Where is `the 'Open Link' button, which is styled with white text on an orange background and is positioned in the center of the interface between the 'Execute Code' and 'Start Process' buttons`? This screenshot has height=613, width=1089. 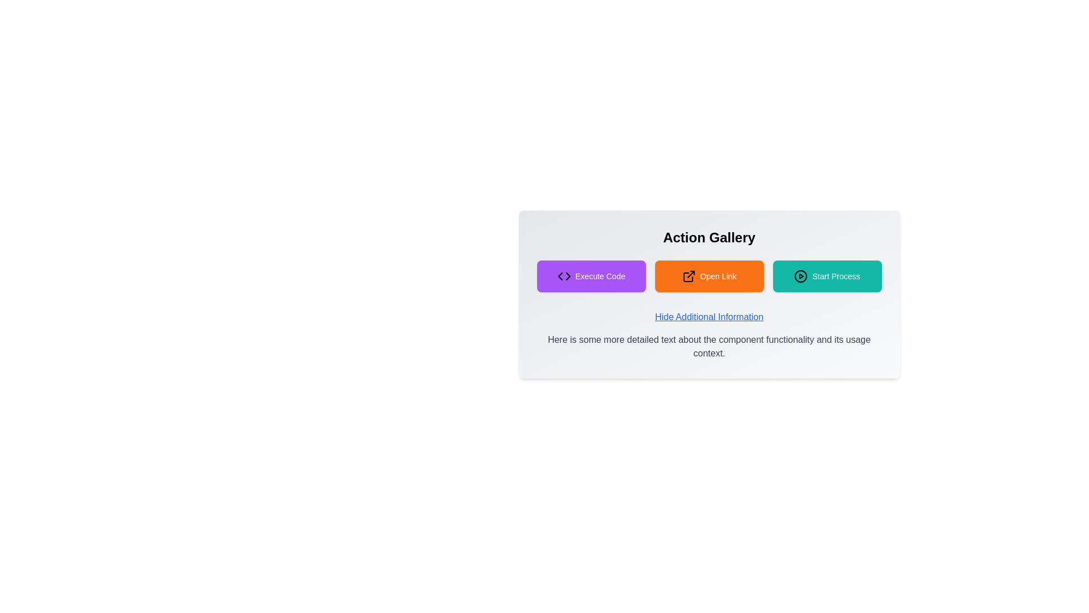
the 'Open Link' button, which is styled with white text on an orange background and is positioned in the center of the interface between the 'Execute Code' and 'Start Process' buttons is located at coordinates (717, 276).